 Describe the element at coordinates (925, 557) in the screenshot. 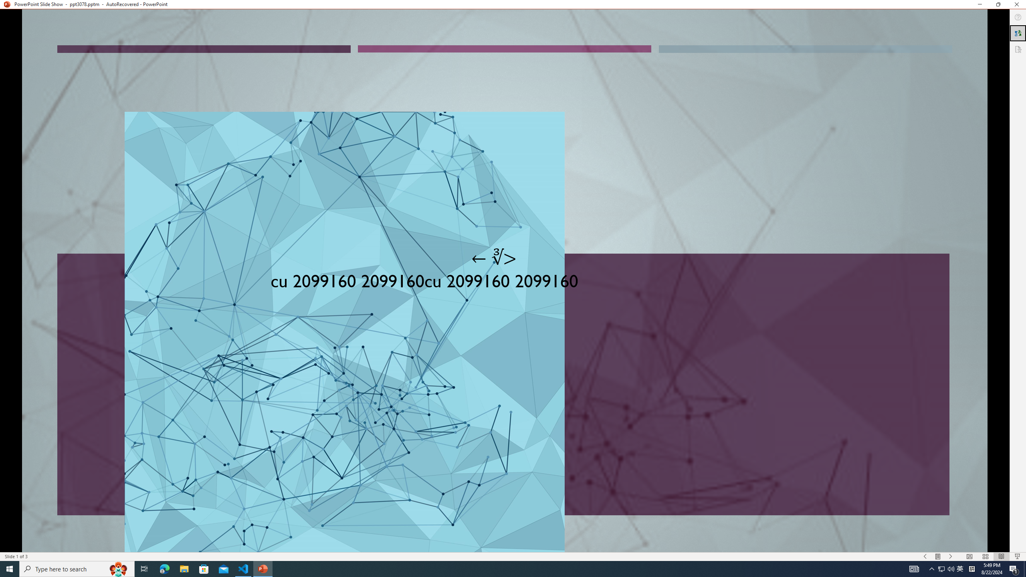

I see `'Slide Show Previous On'` at that location.